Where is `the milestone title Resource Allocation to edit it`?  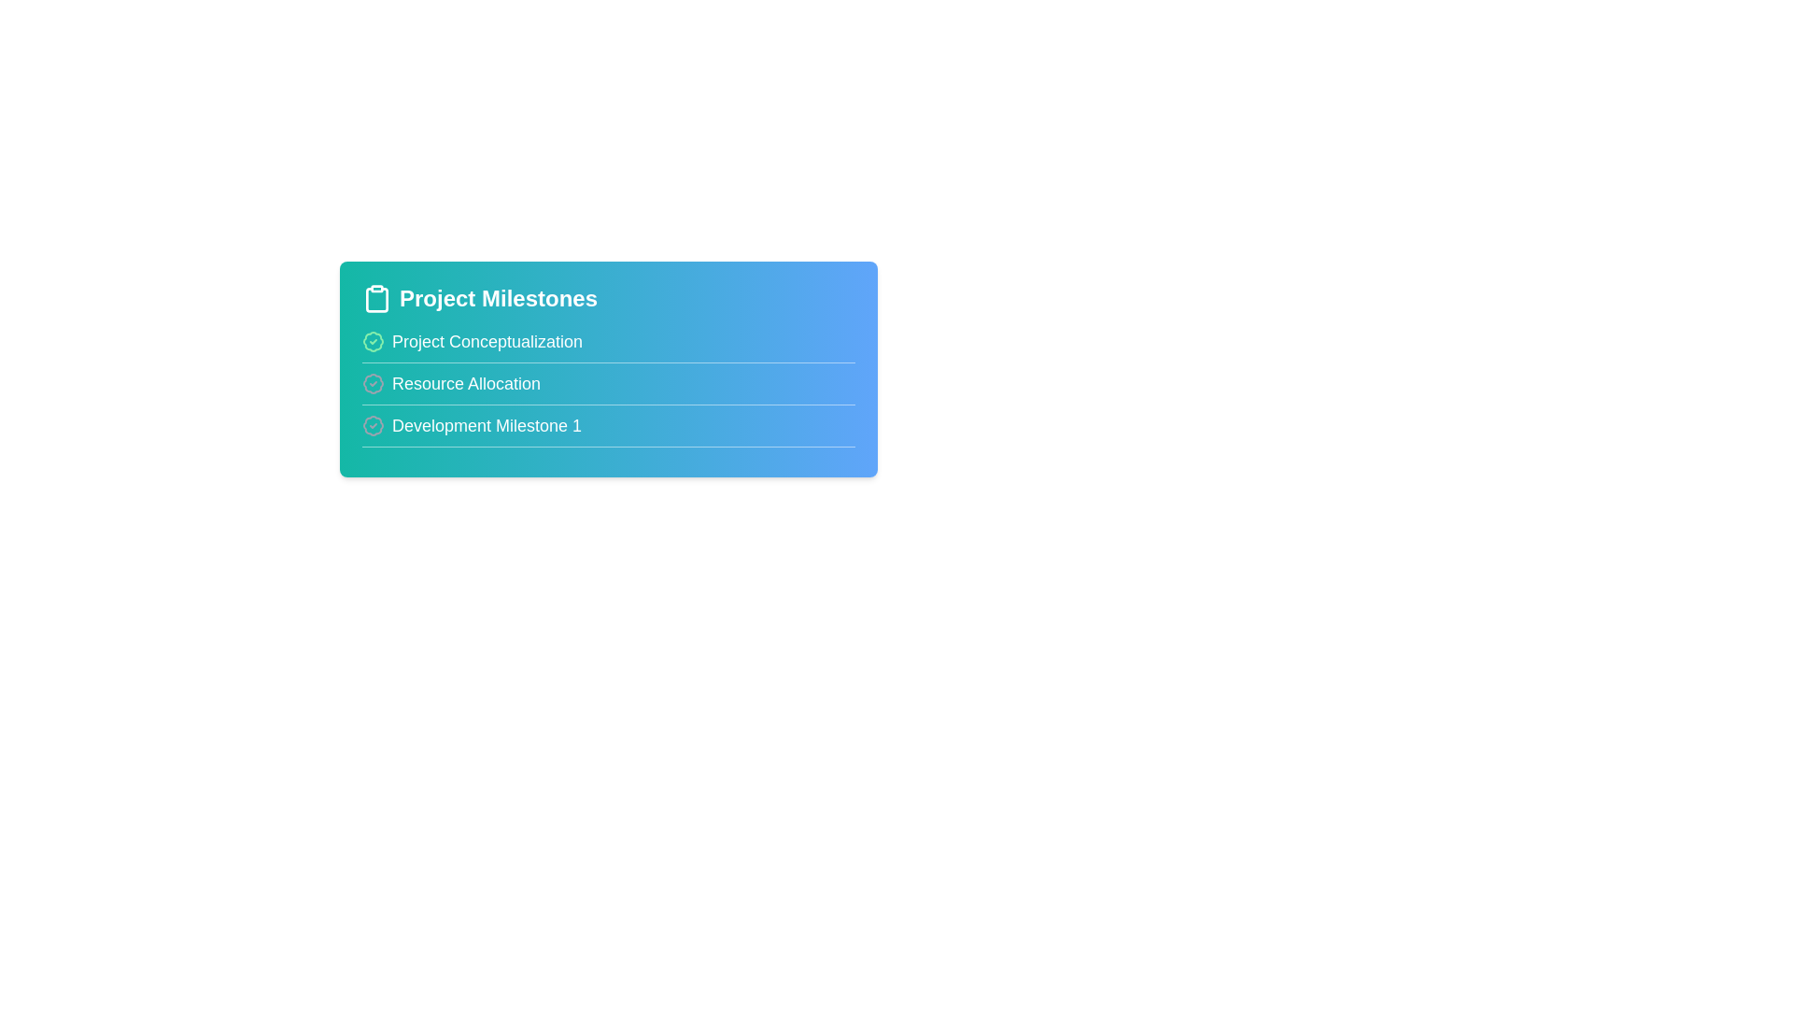 the milestone title Resource Allocation to edit it is located at coordinates (466, 383).